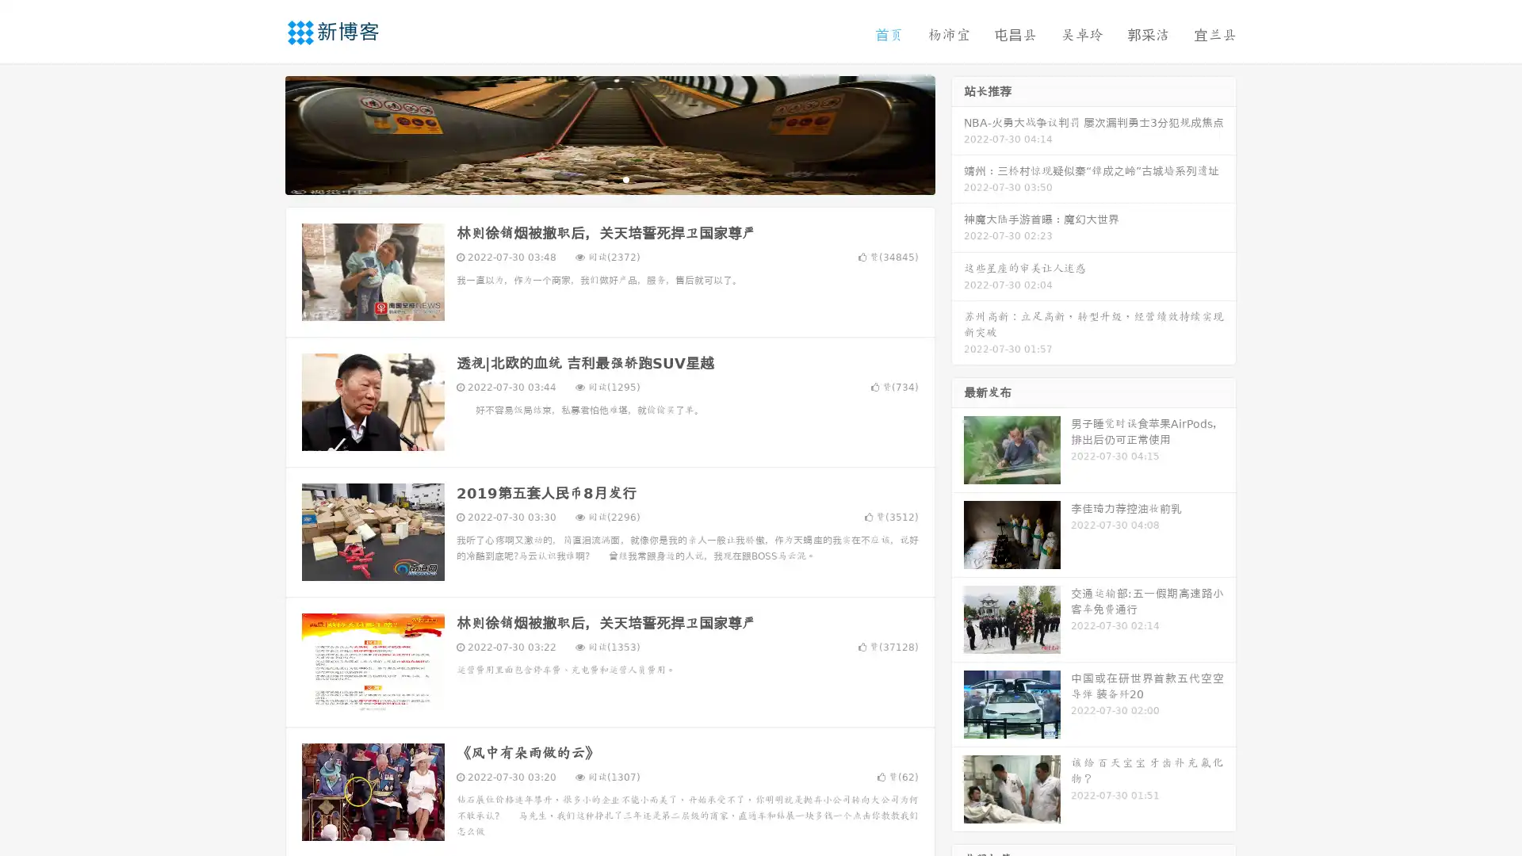  What do you see at coordinates (262, 133) in the screenshot?
I see `Previous slide` at bounding box center [262, 133].